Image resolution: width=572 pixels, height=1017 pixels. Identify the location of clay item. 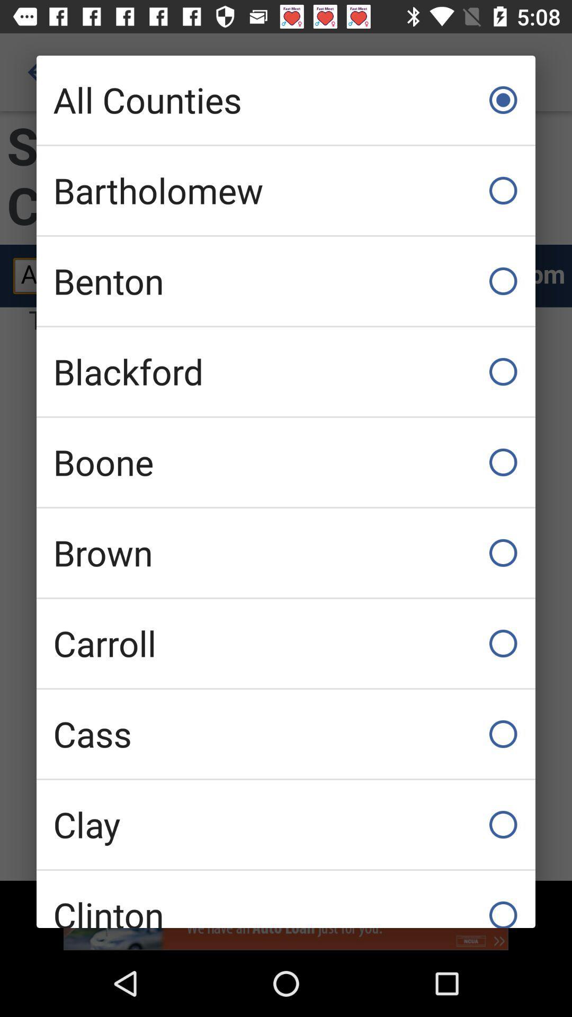
(286, 824).